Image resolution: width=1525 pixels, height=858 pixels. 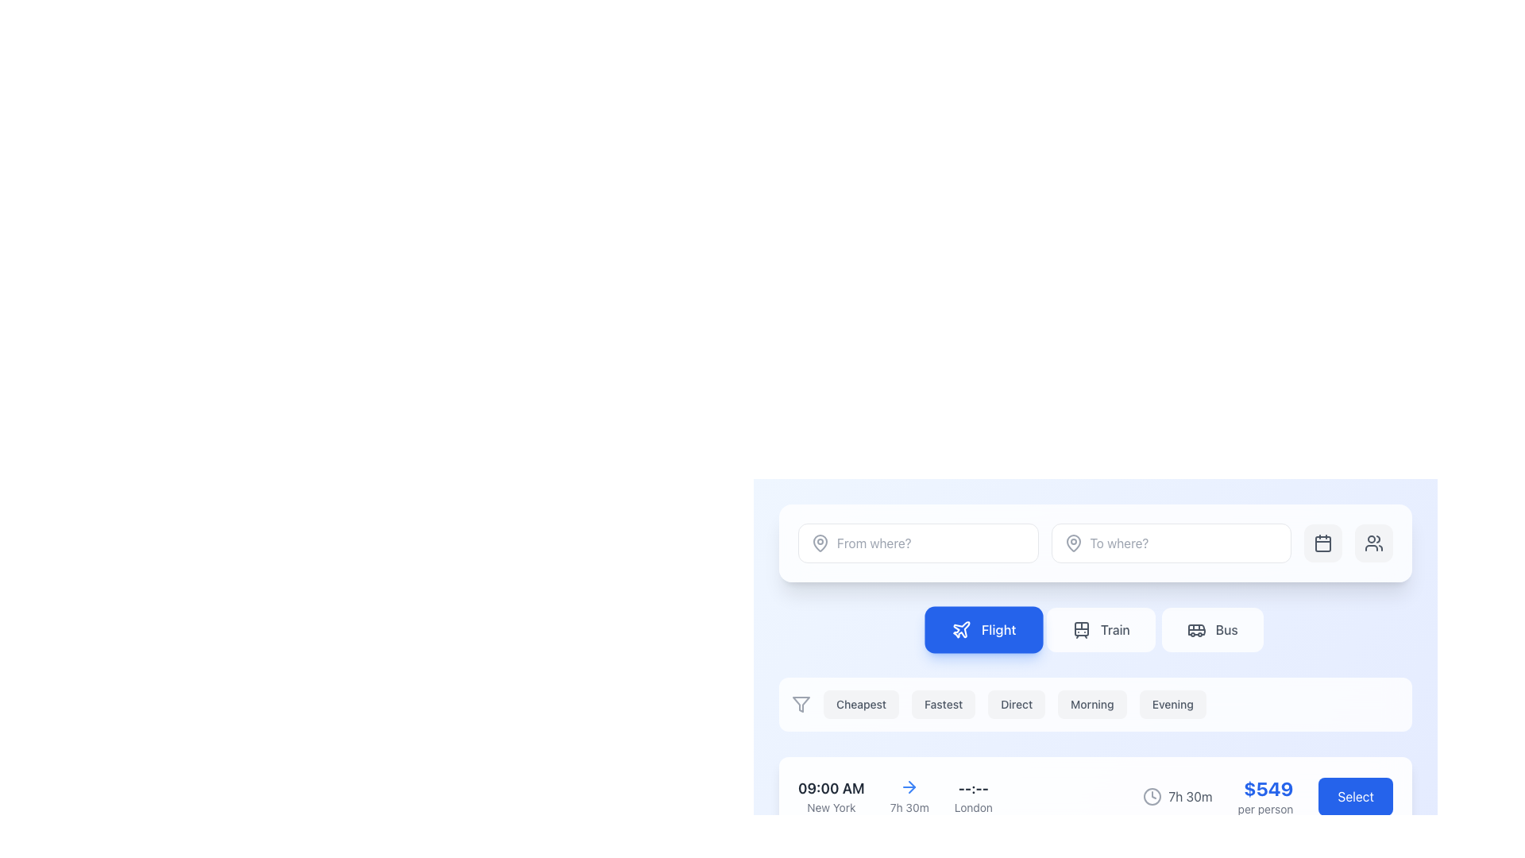 What do you see at coordinates (972, 788) in the screenshot?
I see `the Text label displaying dashes ('--:--') in bold gray font, which serves as a placeholder for time information, positioned above the text 'London' in a booking interface` at bounding box center [972, 788].